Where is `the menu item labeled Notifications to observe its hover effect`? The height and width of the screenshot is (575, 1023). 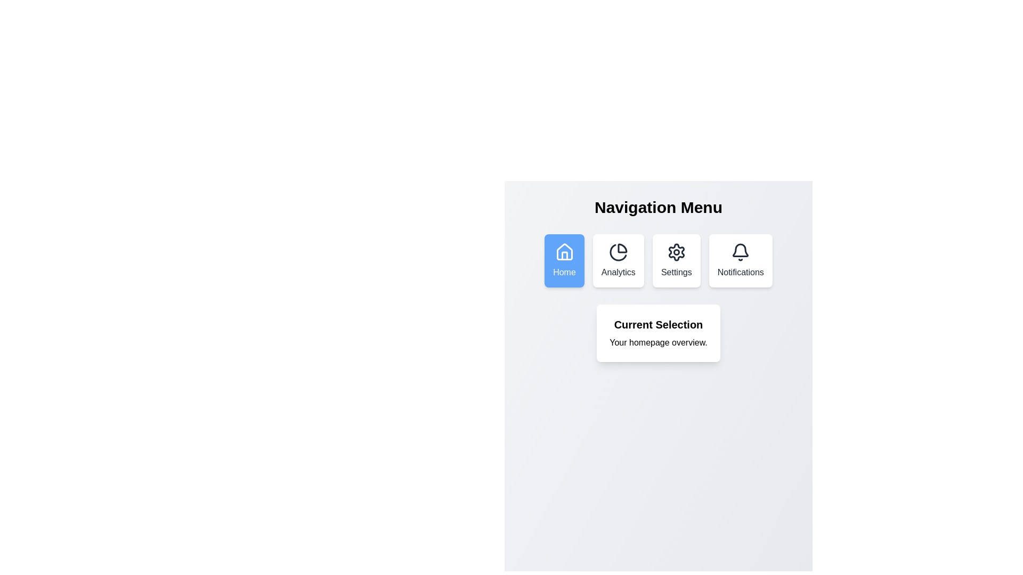 the menu item labeled Notifications to observe its hover effect is located at coordinates (740, 260).